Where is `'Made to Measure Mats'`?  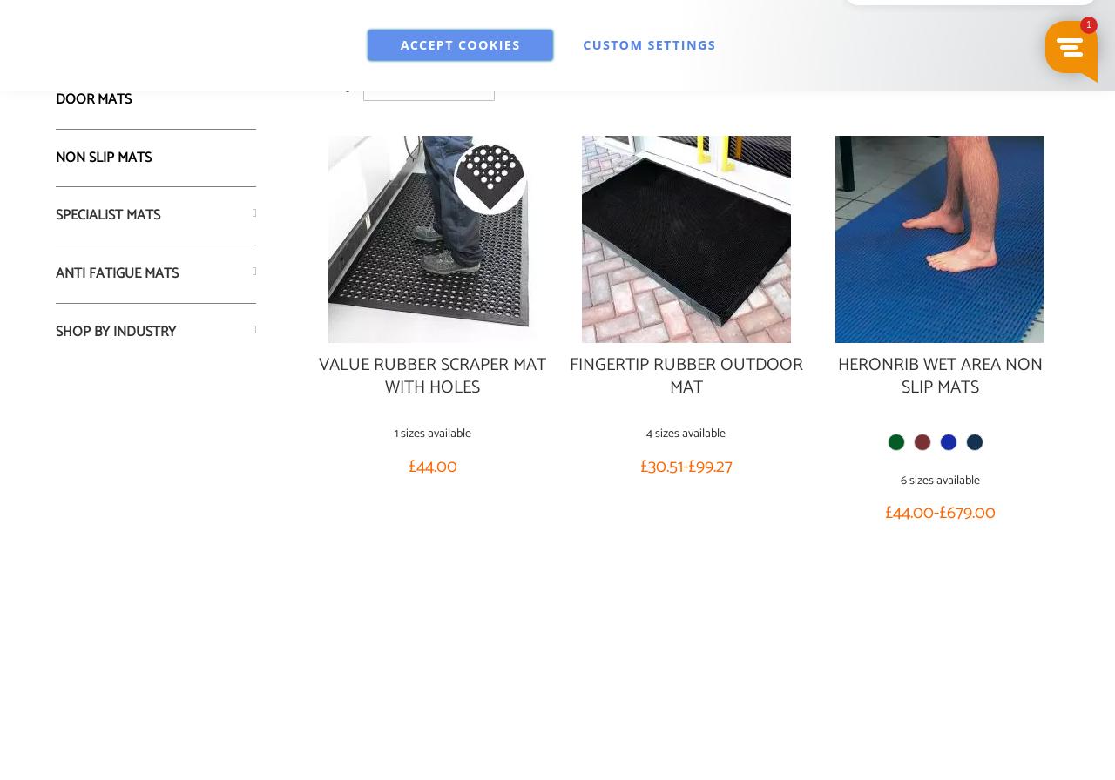
'Made to Measure Mats' is located at coordinates (56, 41).